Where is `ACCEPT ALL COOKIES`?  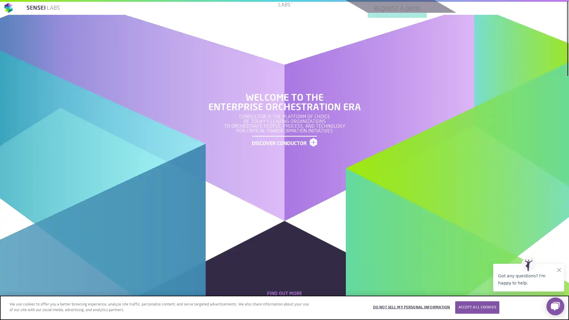 ACCEPT ALL COOKIES is located at coordinates (477, 307).